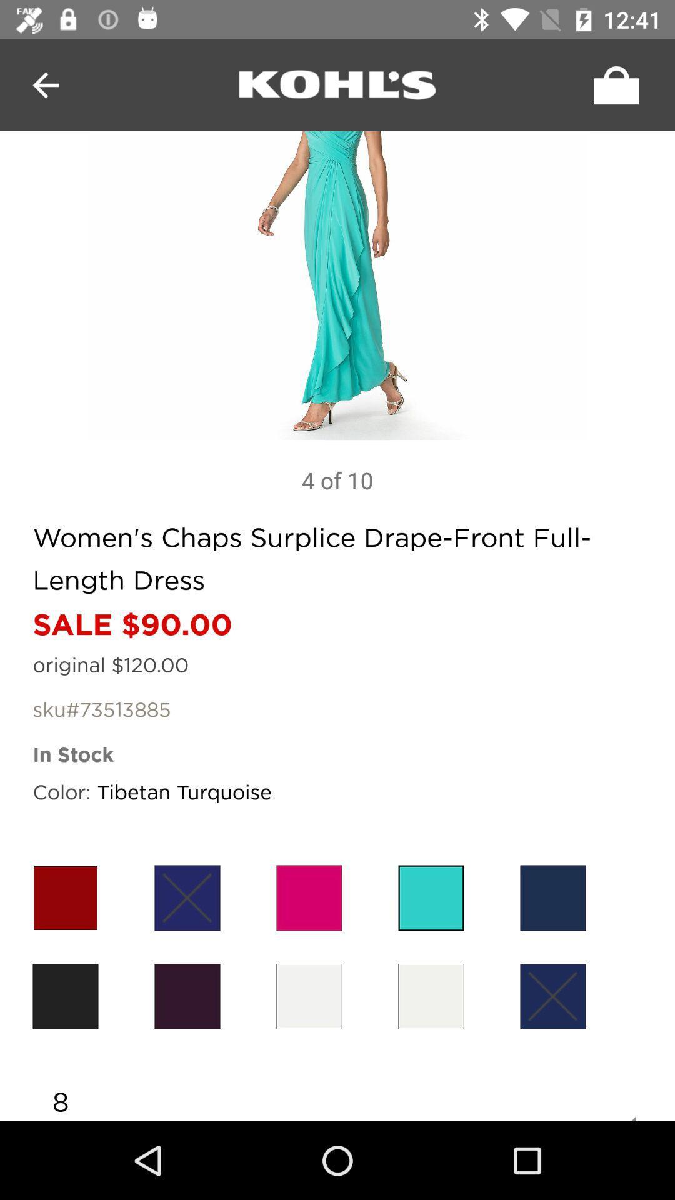  What do you see at coordinates (337, 285) in the screenshot?
I see `the item above the 4 of 10` at bounding box center [337, 285].